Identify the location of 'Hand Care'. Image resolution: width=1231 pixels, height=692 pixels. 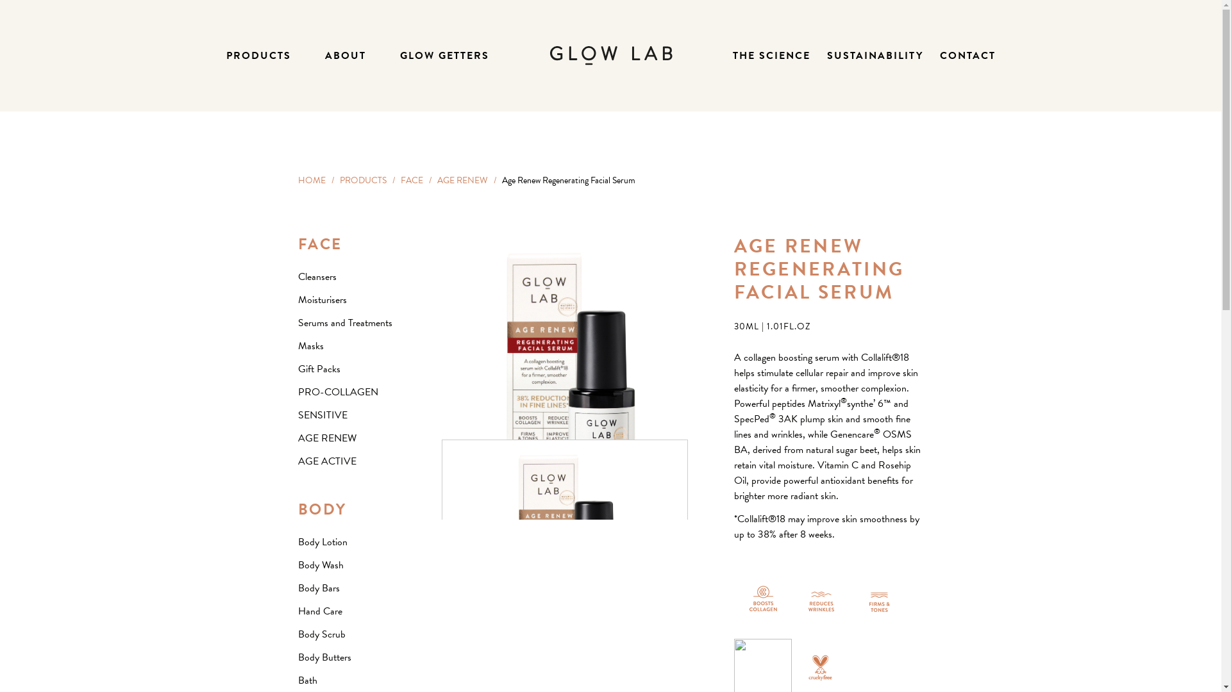
(319, 610).